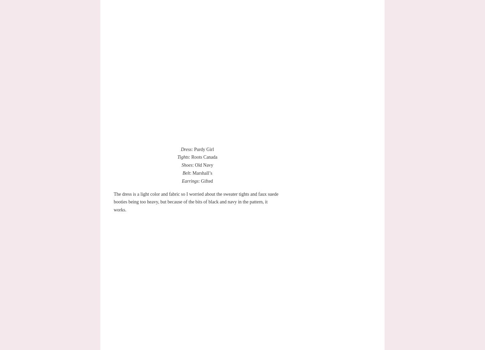 Image resolution: width=485 pixels, height=350 pixels. Describe the element at coordinates (177, 157) in the screenshot. I see `'Tights'` at that location.